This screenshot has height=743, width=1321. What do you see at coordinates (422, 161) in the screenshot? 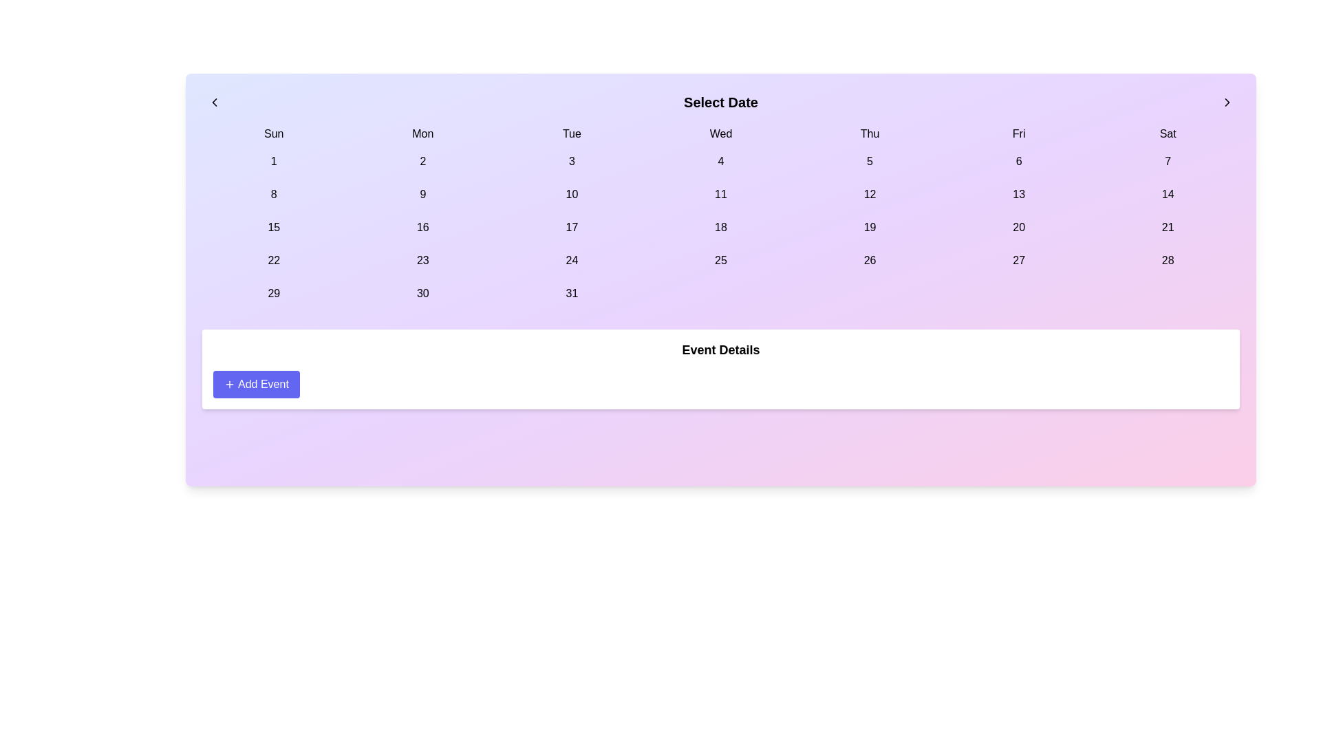
I see `the rectangular button labeled '2' with rounded corners to change its background color to indigo` at bounding box center [422, 161].